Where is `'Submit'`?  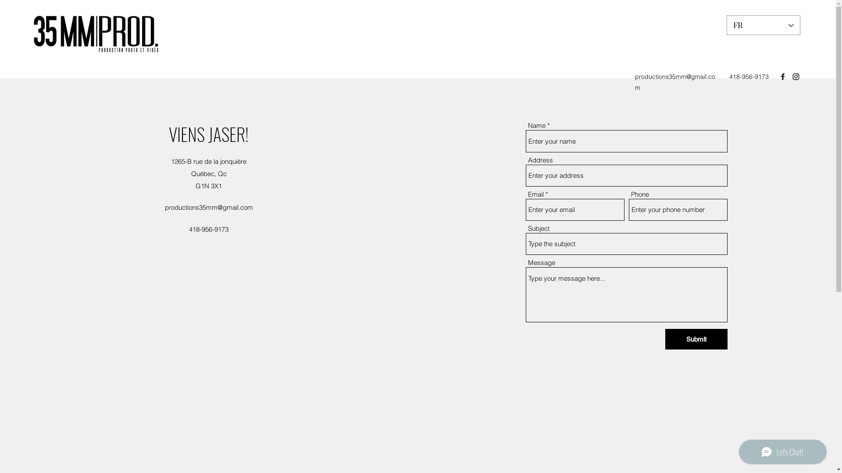 'Submit' is located at coordinates (696, 339).